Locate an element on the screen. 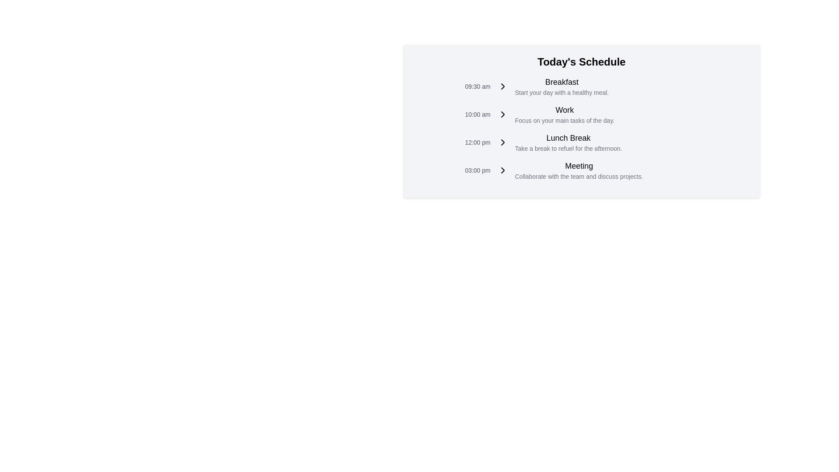 This screenshot has height=472, width=839. the schedule entry labeled 'Work' which provides details about a specific event, positioned below 'Breakfast' and above 'Lunch Break' is located at coordinates (561, 114).